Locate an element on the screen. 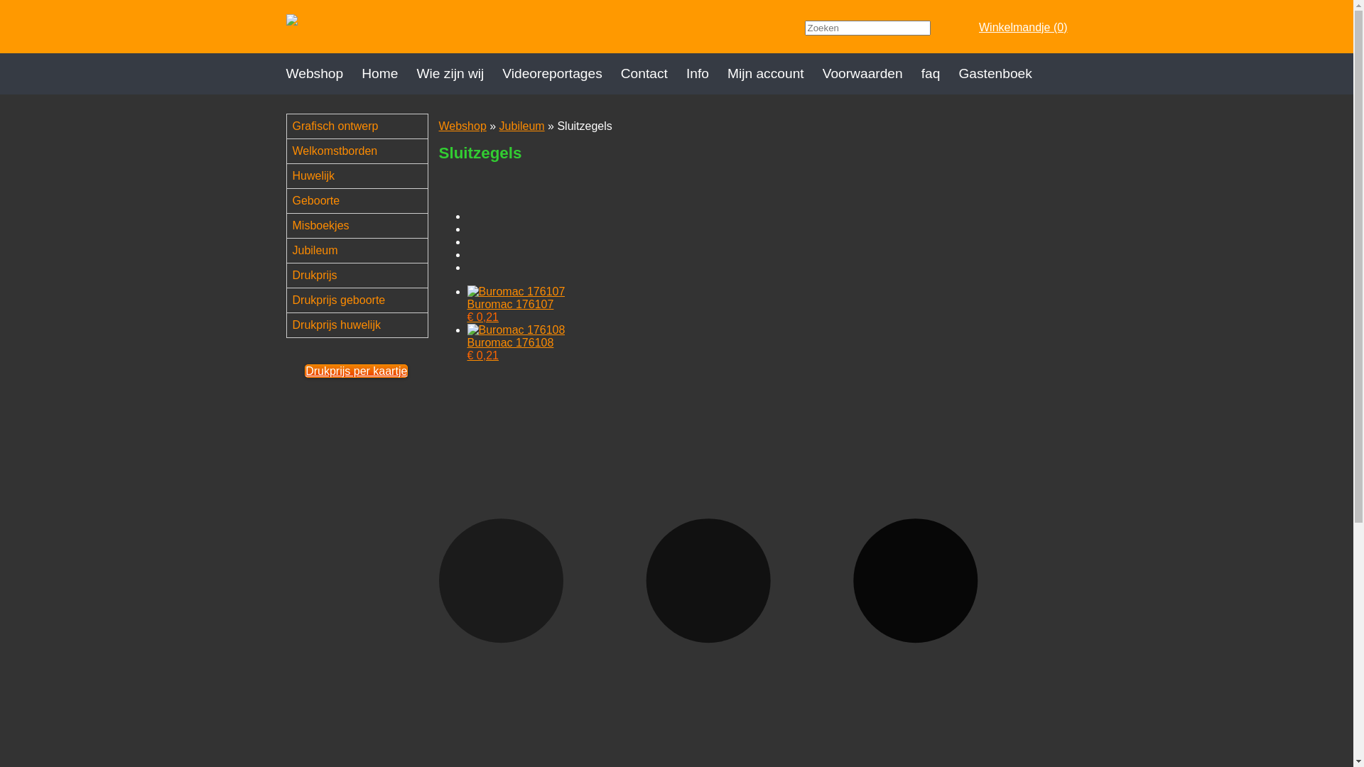  'Huwelijk' is located at coordinates (362, 175).